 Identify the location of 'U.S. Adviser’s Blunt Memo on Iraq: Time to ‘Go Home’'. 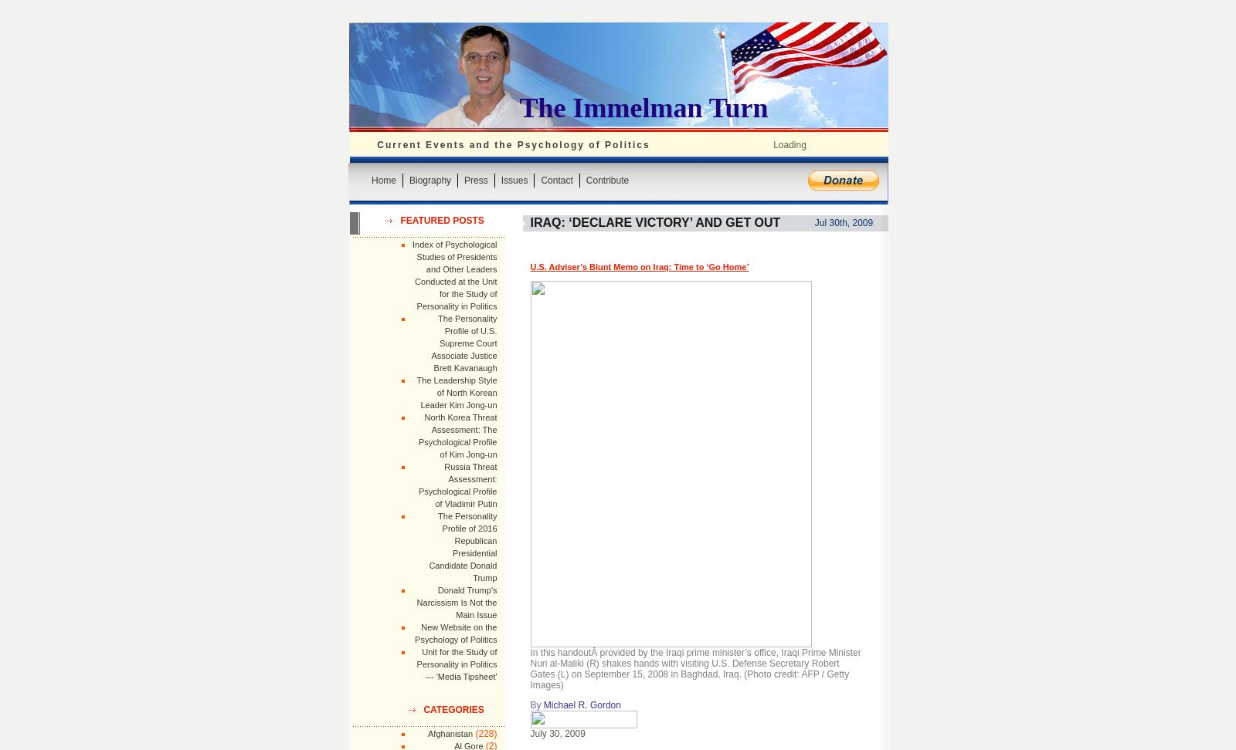
(638, 266).